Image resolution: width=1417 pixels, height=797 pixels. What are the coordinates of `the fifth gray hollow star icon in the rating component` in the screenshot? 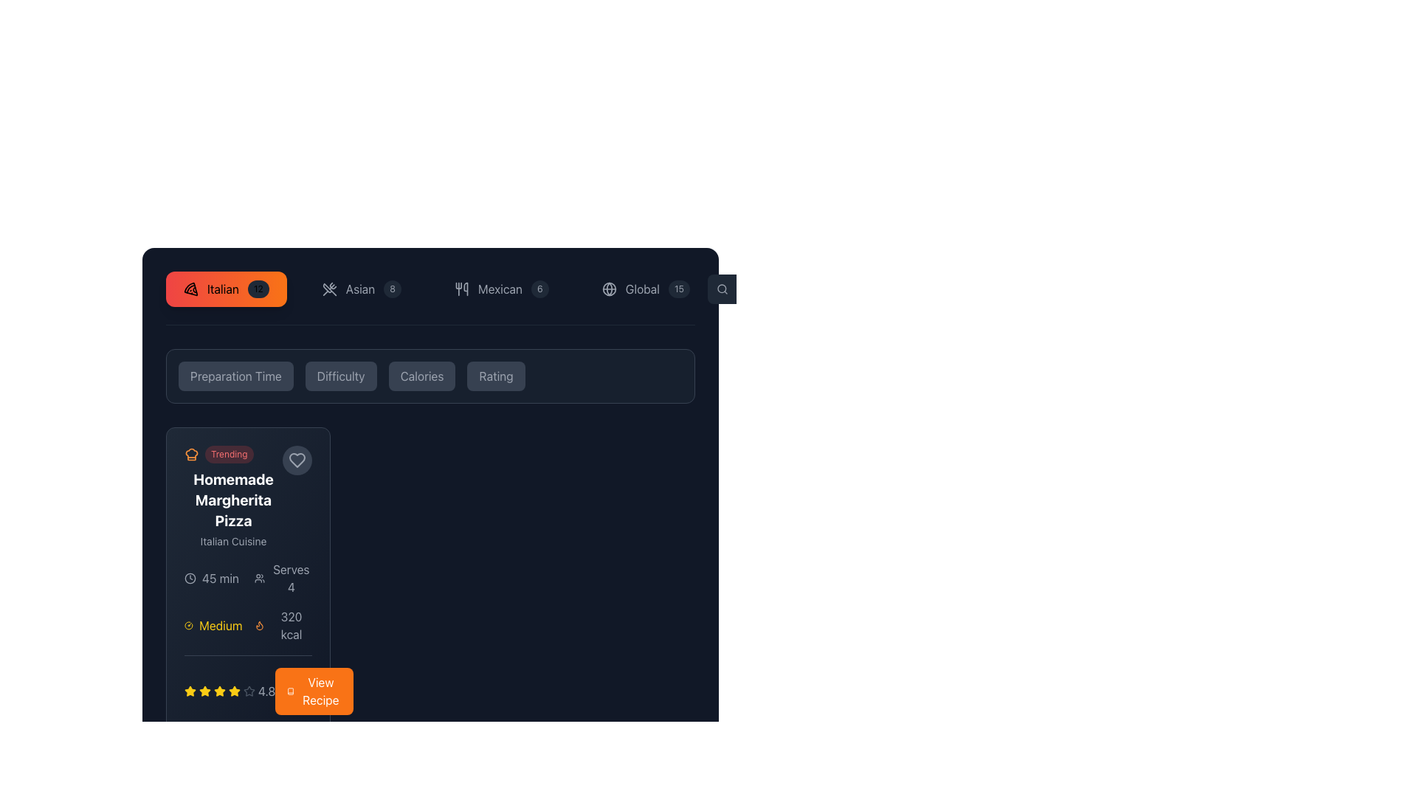 It's located at (248, 691).